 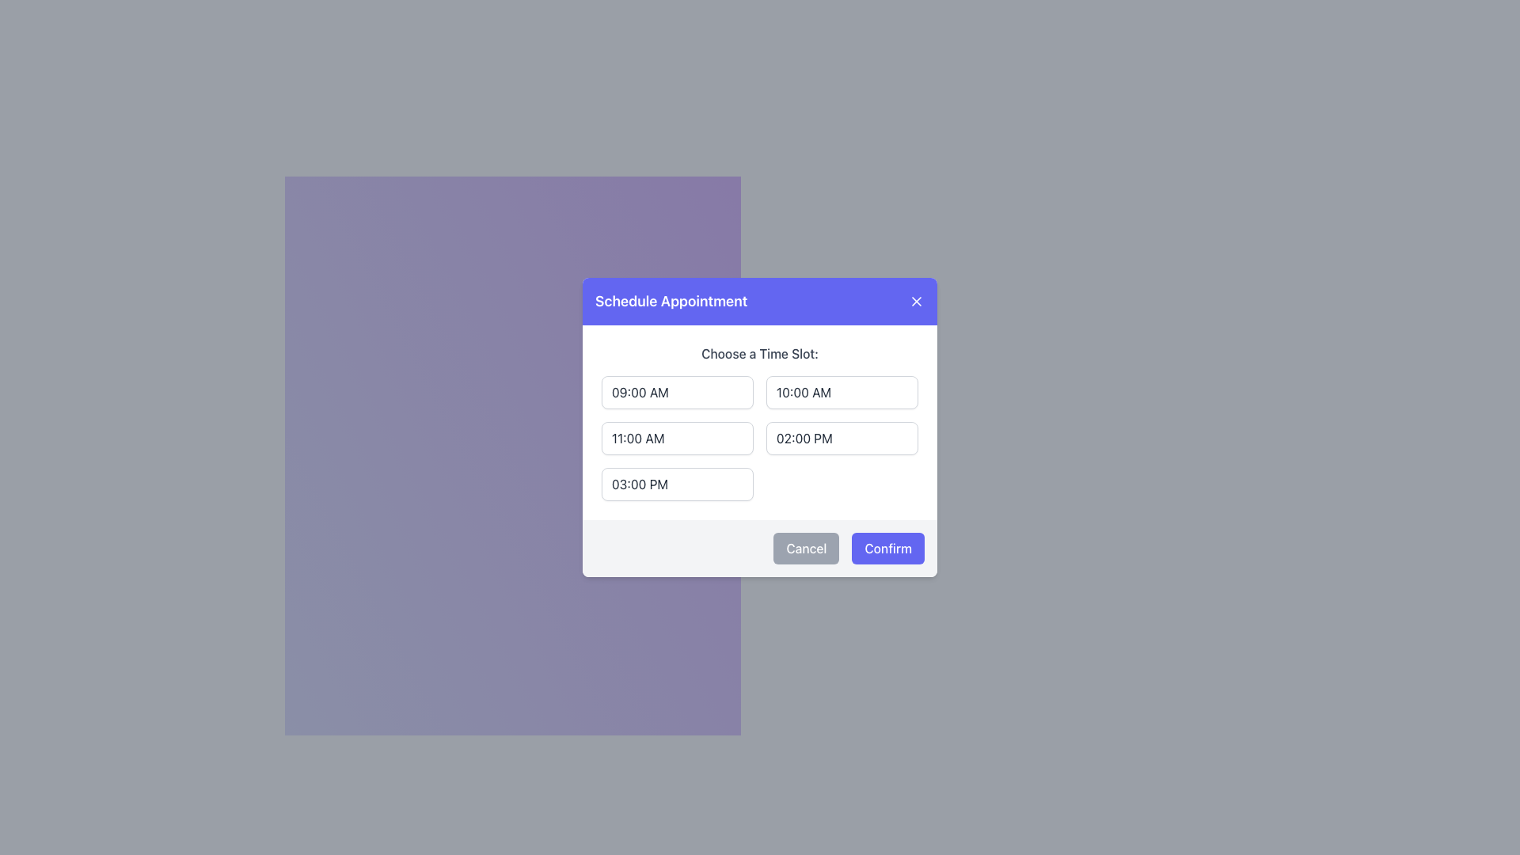 What do you see at coordinates (677, 439) in the screenshot?
I see `the time slot button located in the third row, first column of the grid layout` at bounding box center [677, 439].